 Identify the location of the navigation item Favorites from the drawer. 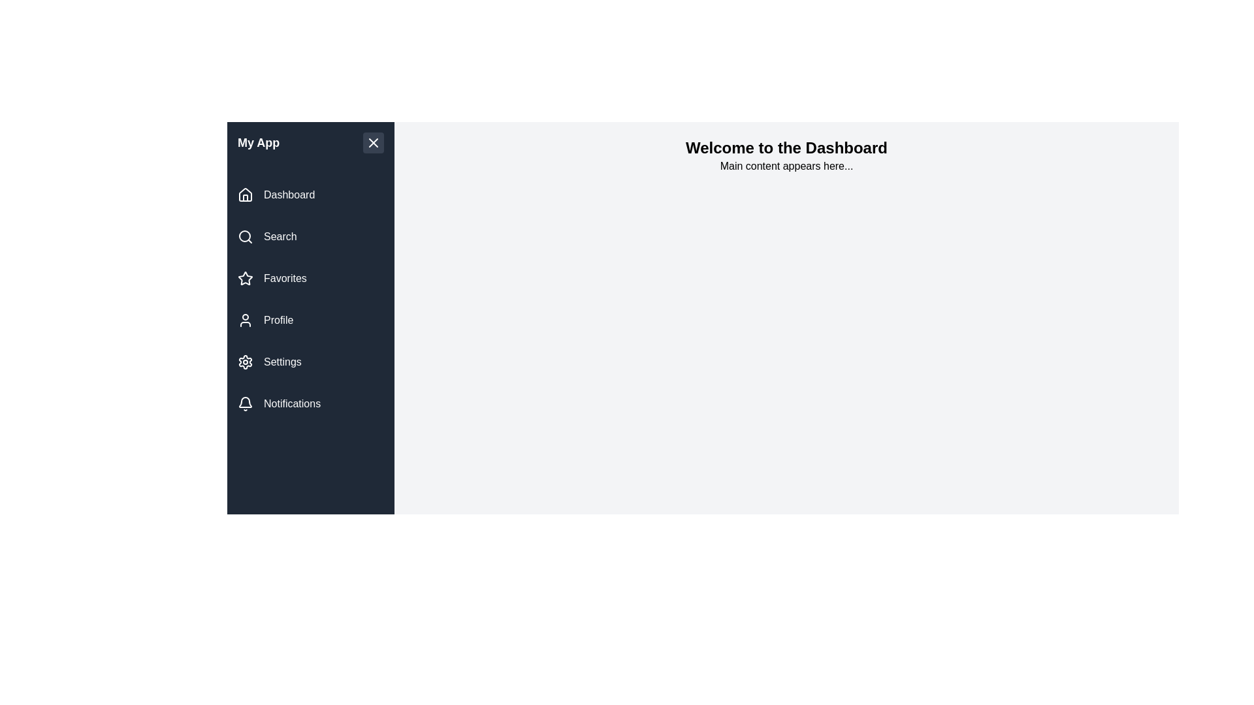
(310, 278).